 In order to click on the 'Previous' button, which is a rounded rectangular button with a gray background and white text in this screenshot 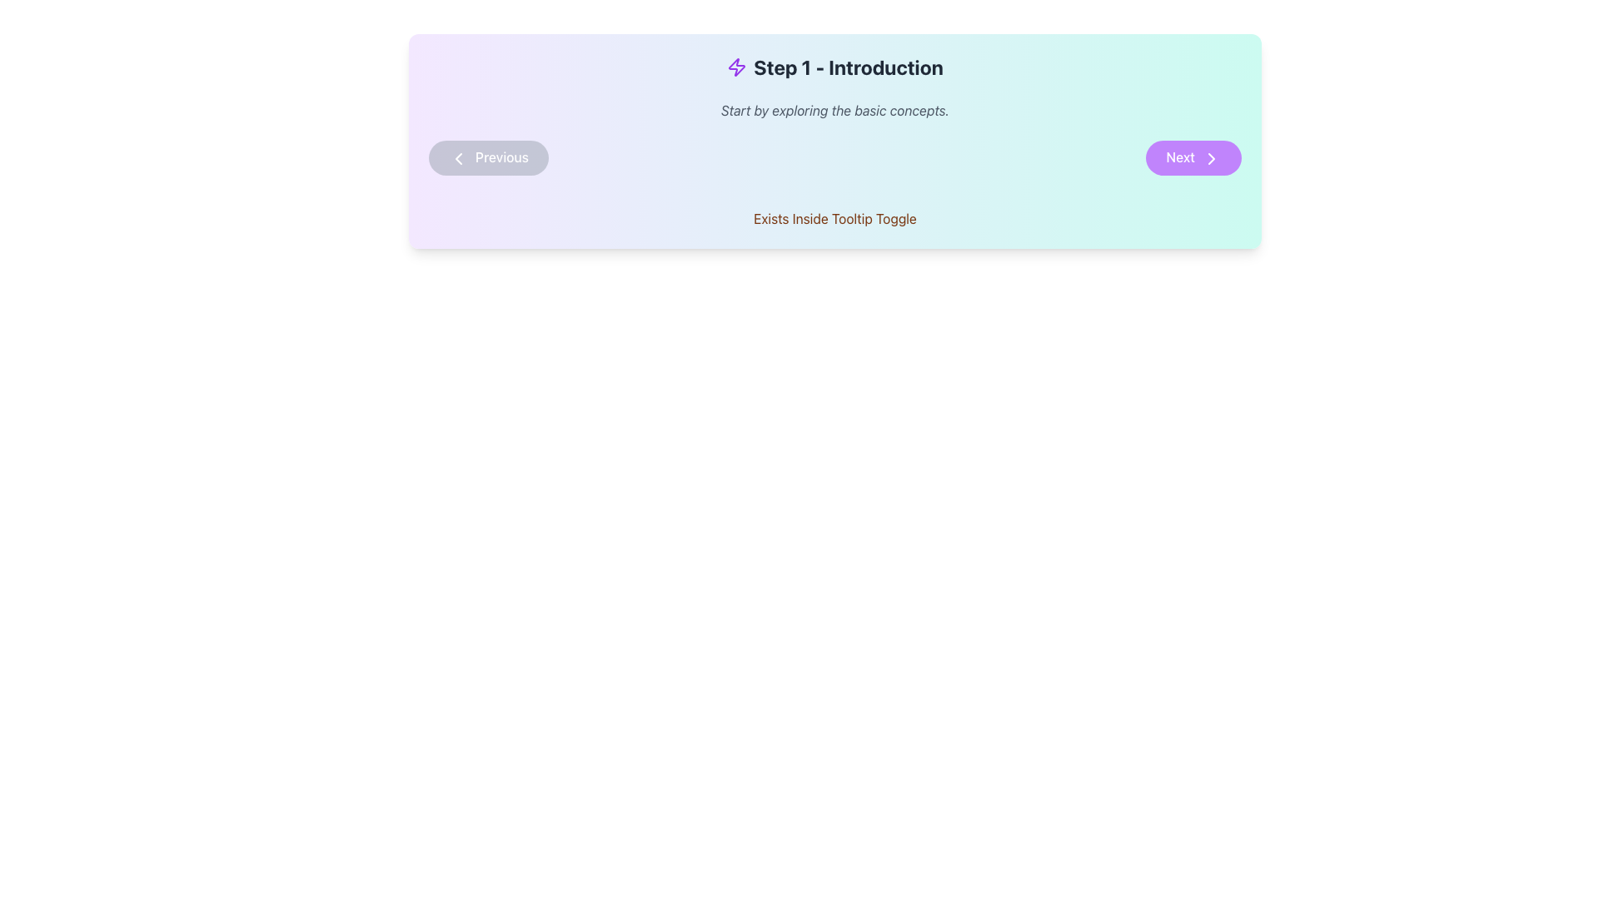, I will do `click(487, 157)`.